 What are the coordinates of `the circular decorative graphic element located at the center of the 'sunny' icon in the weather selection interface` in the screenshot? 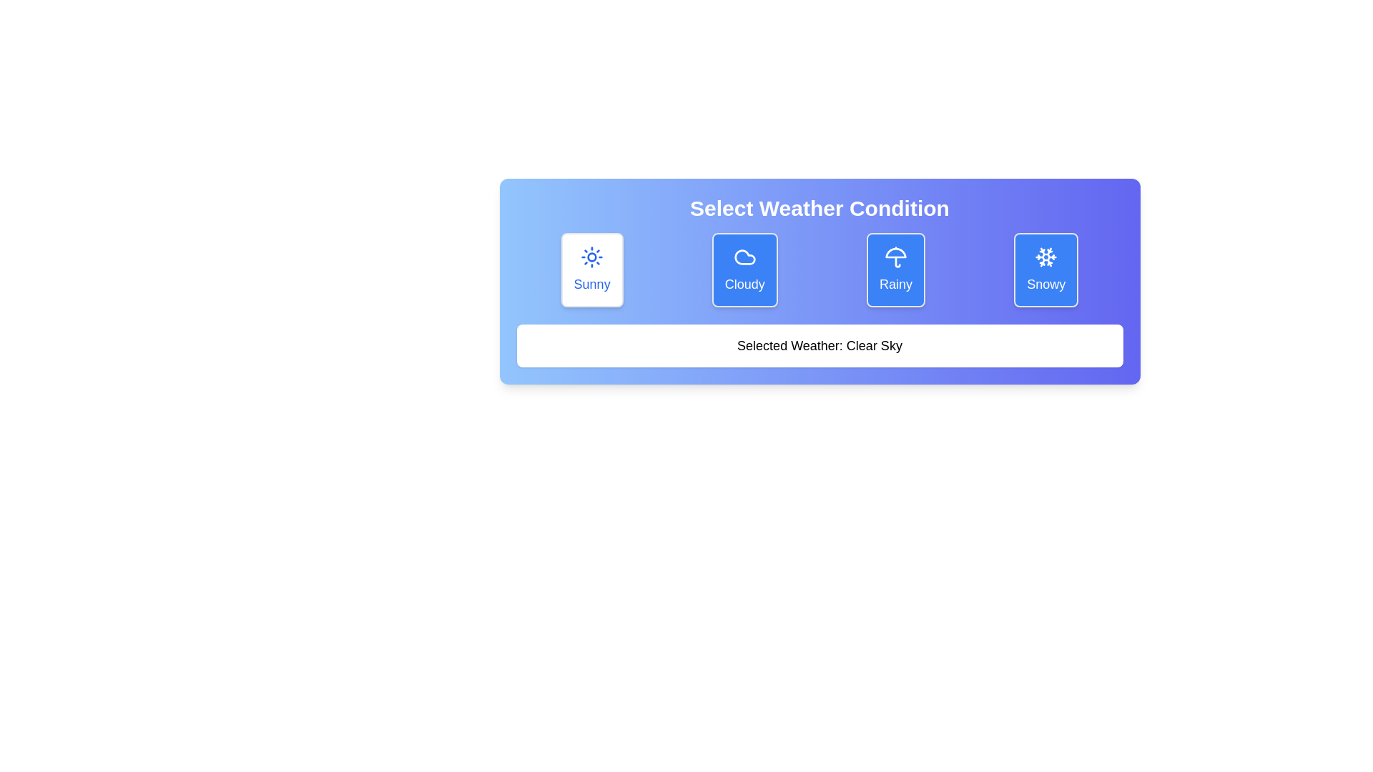 It's located at (592, 256).